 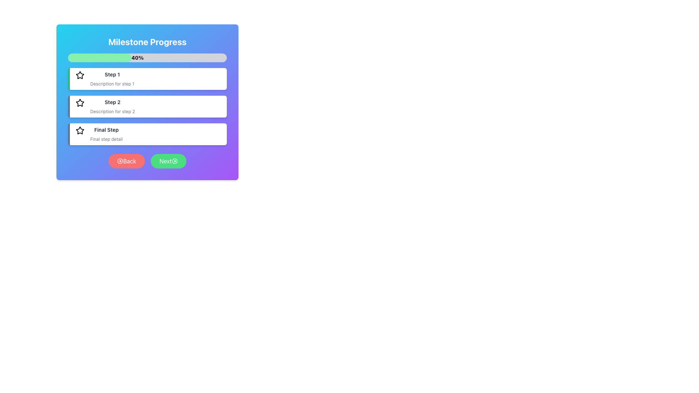 What do you see at coordinates (147, 57) in the screenshot?
I see `the progress bar that displays the current milestone progress percentage ('40%') located below the 'Milestone Progress' title and above the list of steps` at bounding box center [147, 57].